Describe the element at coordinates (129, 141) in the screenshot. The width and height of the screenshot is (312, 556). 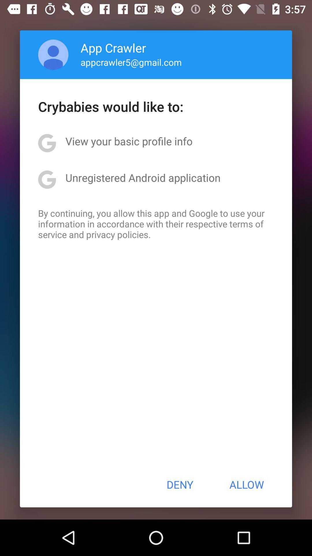
I see `app above unregistered android application icon` at that location.